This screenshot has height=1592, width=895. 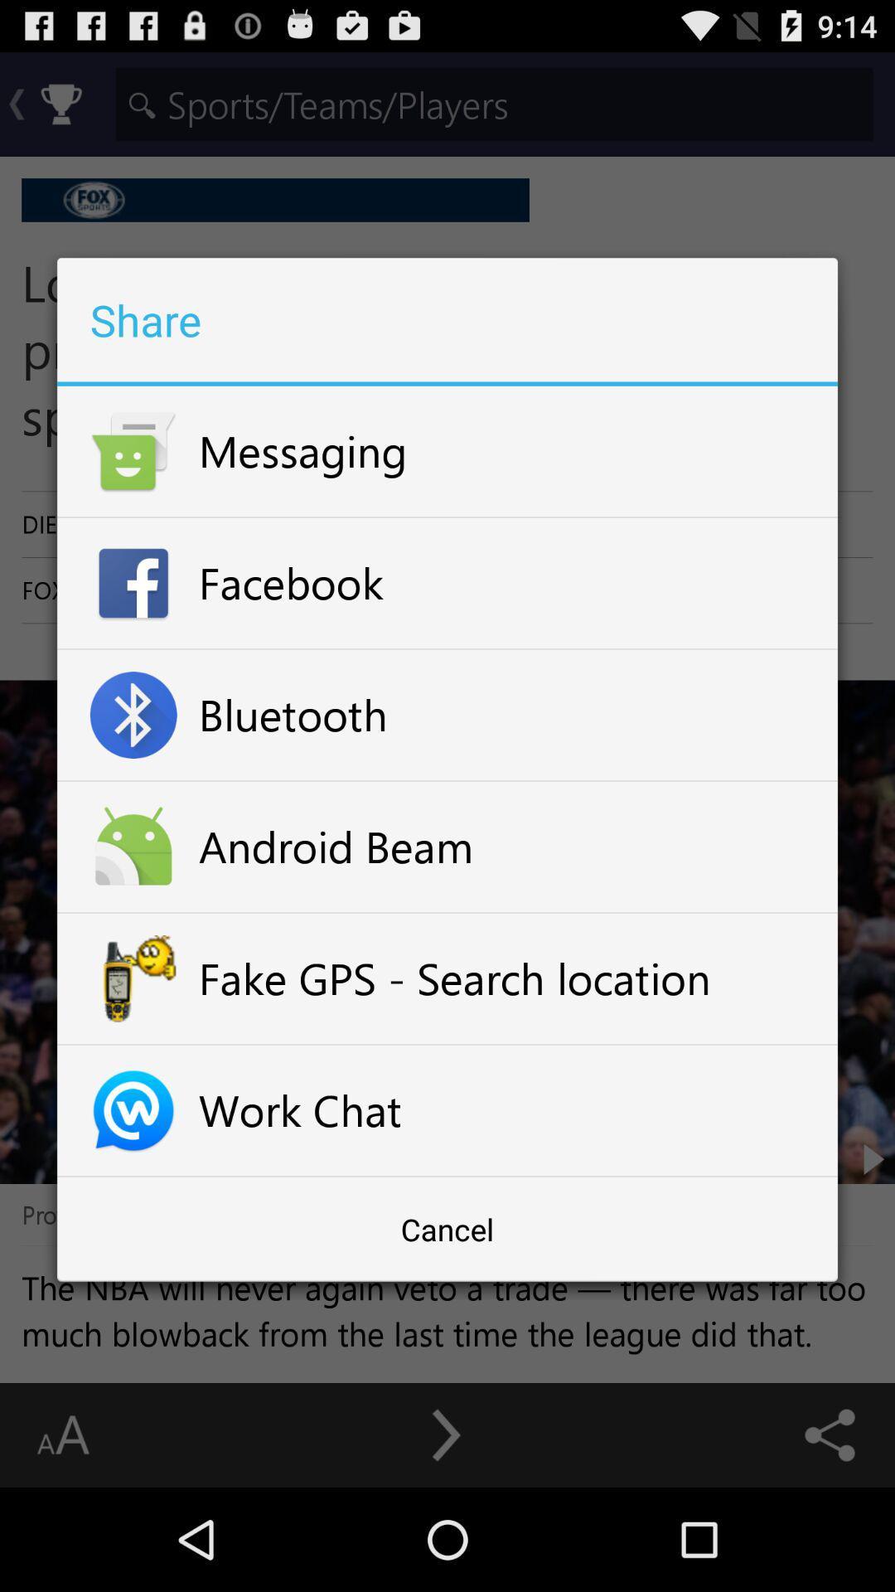 I want to click on the cancel, so click(x=447, y=1229).